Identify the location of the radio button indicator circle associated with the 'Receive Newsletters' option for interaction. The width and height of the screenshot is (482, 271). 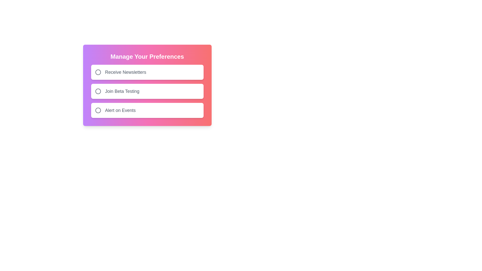
(98, 72).